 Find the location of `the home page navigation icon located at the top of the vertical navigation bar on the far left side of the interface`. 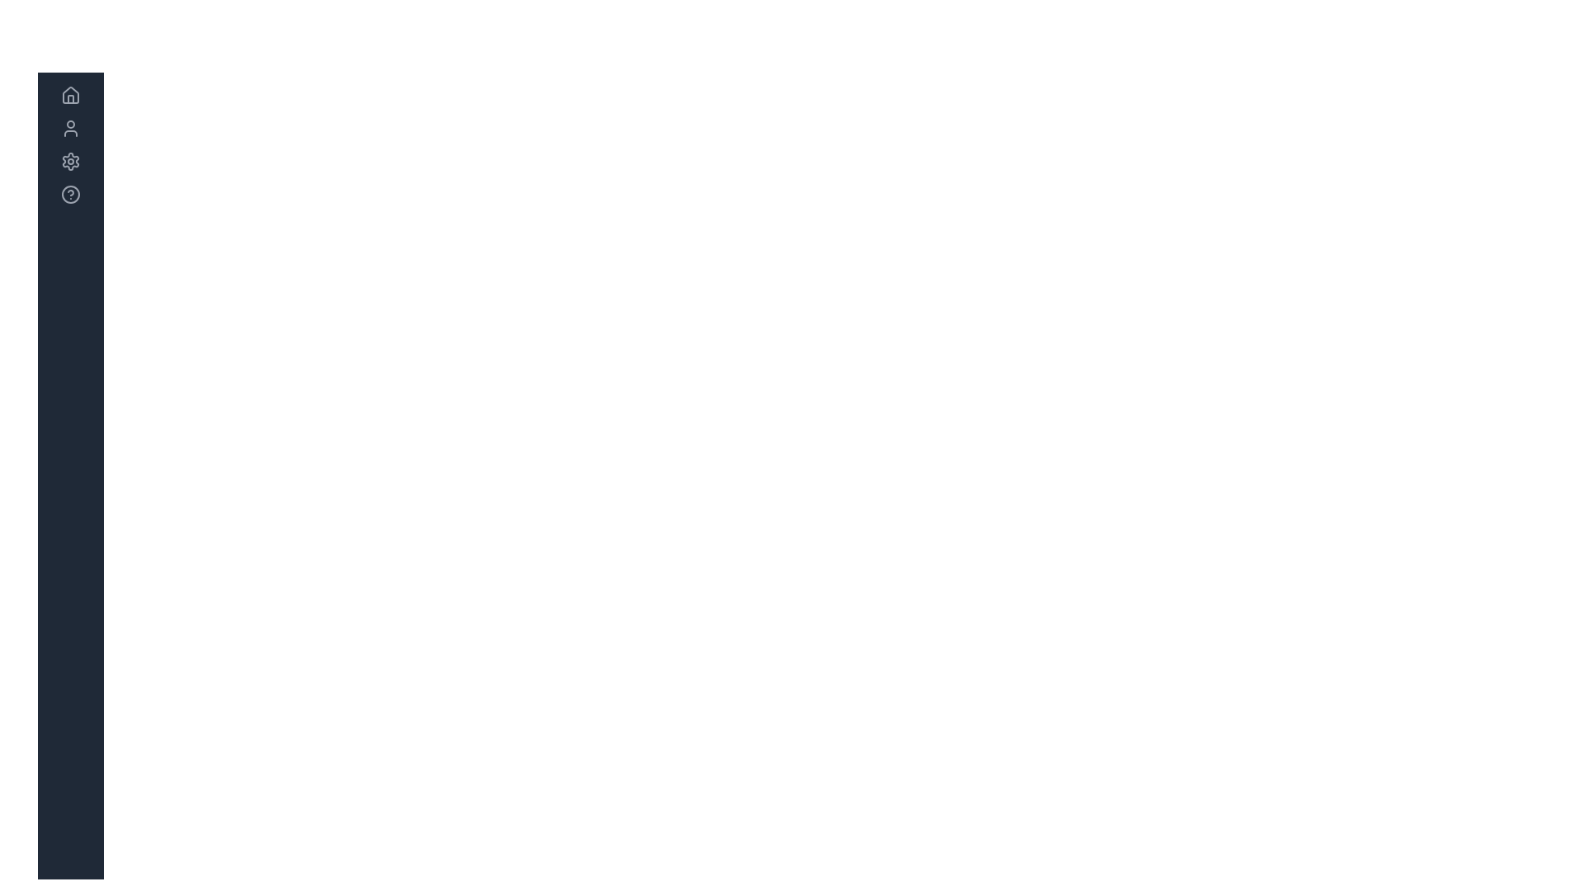

the home page navigation icon located at the top of the vertical navigation bar on the far left side of the interface is located at coordinates (70, 95).